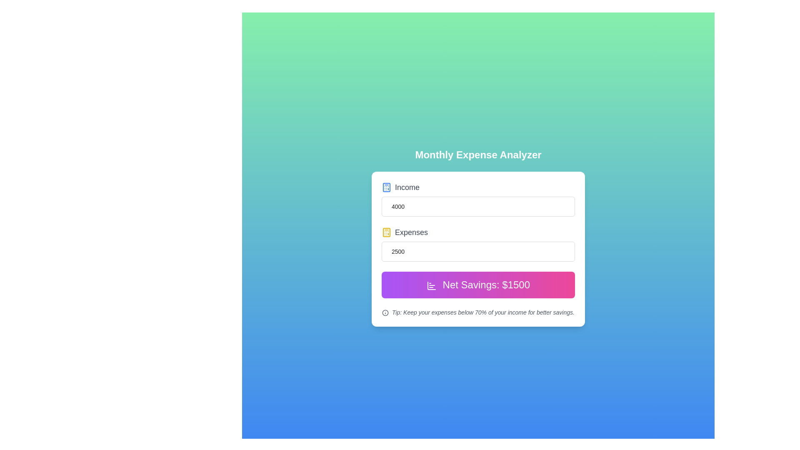 This screenshot has width=800, height=450. I want to click on the SVG circle representing the 'info' icon, which is part of the 'lucide lucide-info' class, located above the descriptive label about expenses, so click(385, 313).